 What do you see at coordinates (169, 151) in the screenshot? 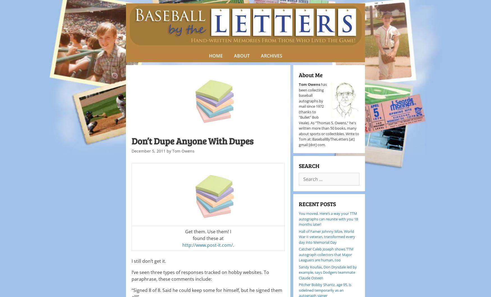
I see `'by'` at bounding box center [169, 151].